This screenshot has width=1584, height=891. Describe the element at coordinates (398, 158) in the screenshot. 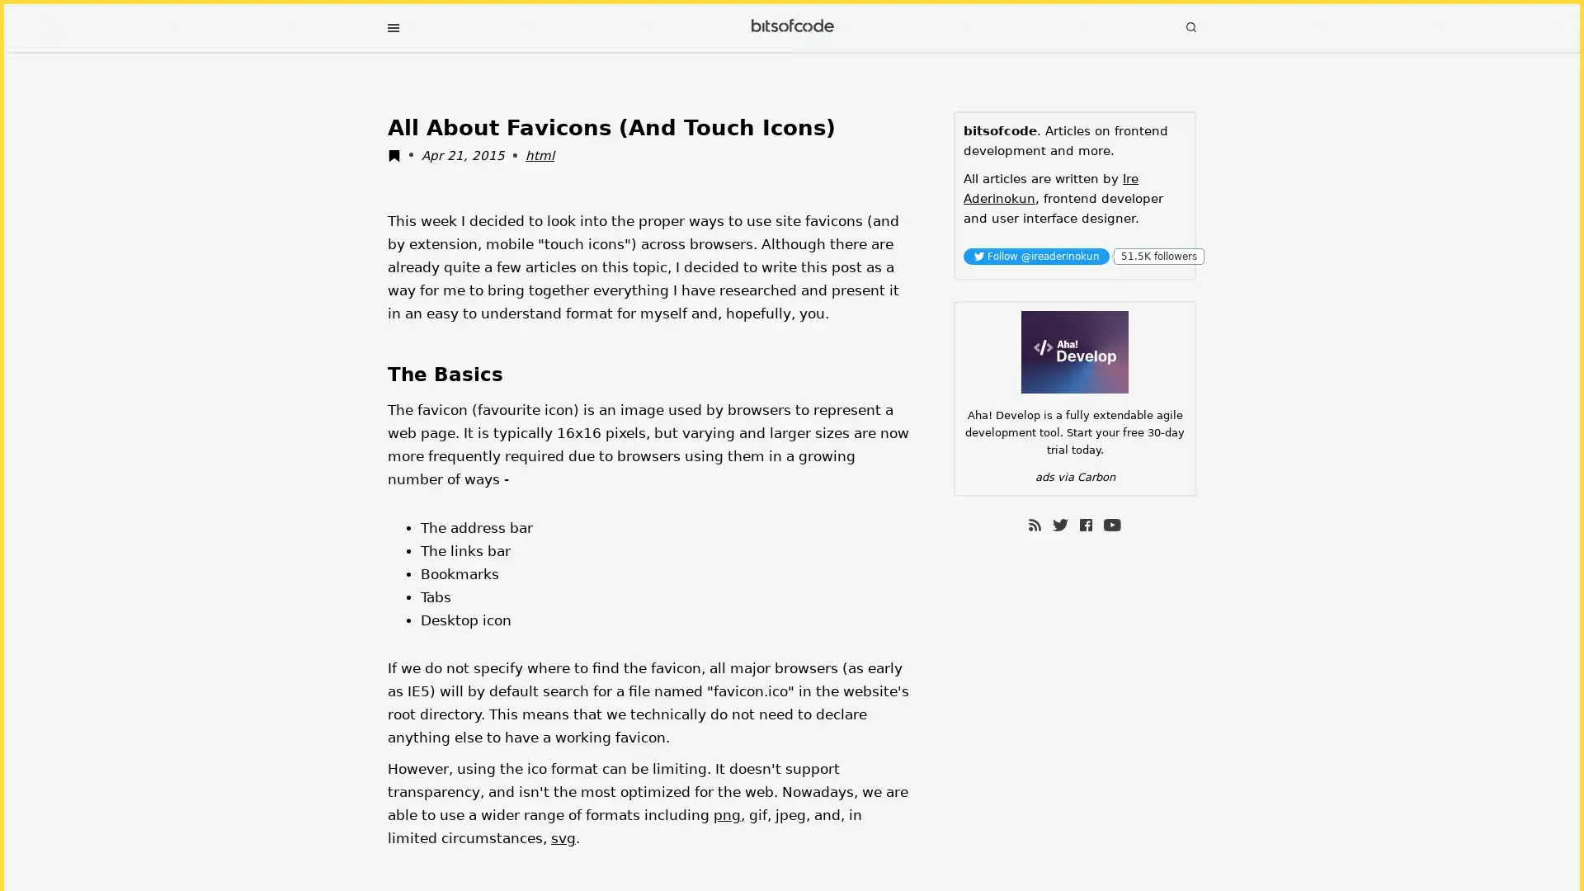

I see `Save Article for Offline` at that location.